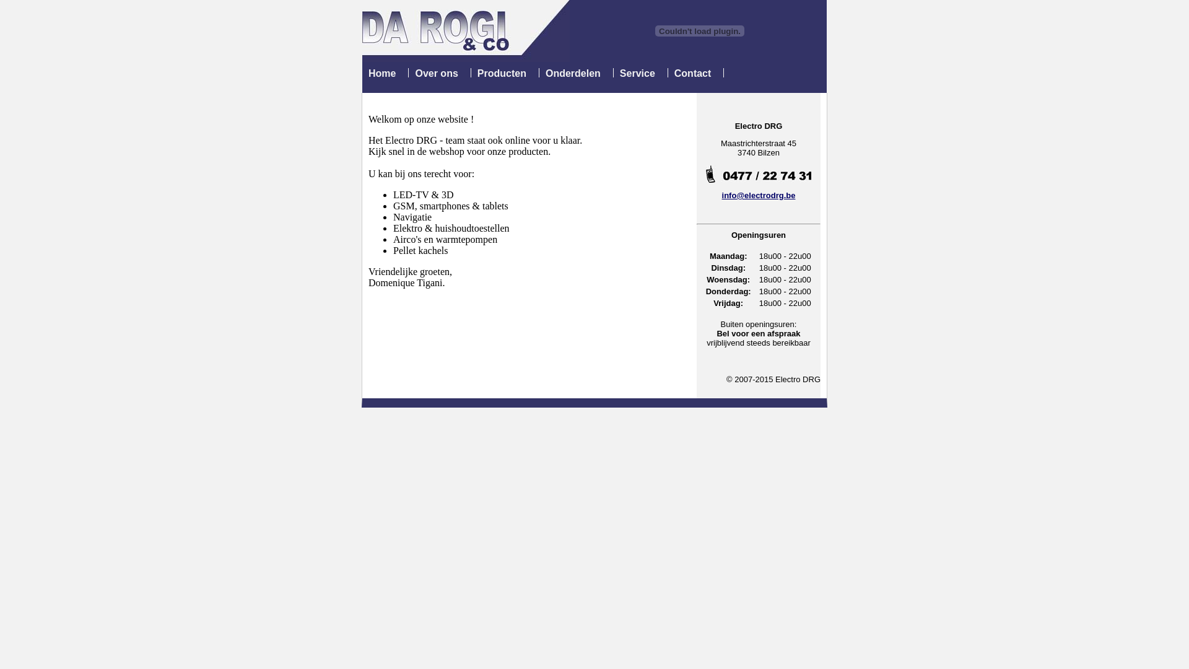 Image resolution: width=1189 pixels, height=669 pixels. What do you see at coordinates (637, 73) in the screenshot?
I see `'Service'` at bounding box center [637, 73].